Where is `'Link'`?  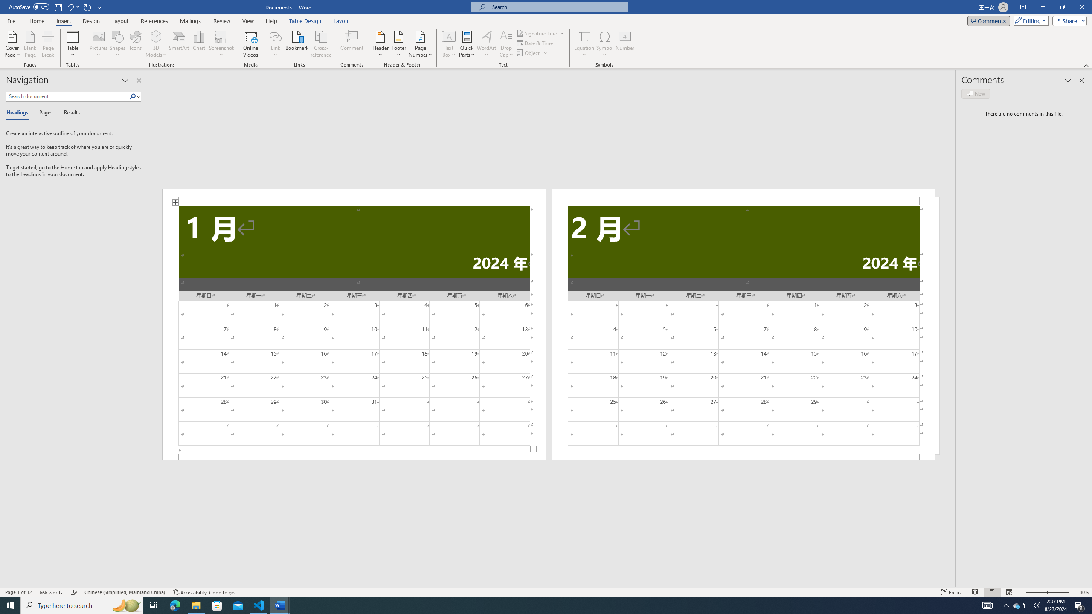
'Link' is located at coordinates (275, 44).